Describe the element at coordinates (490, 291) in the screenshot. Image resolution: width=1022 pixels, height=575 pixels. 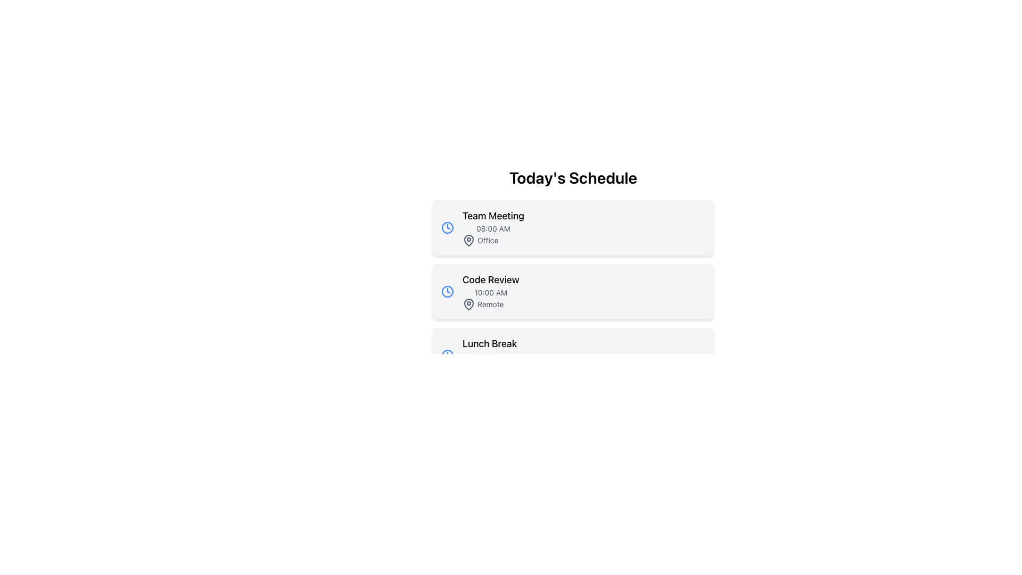
I see `the 'Code Review' event schedule entry` at that location.